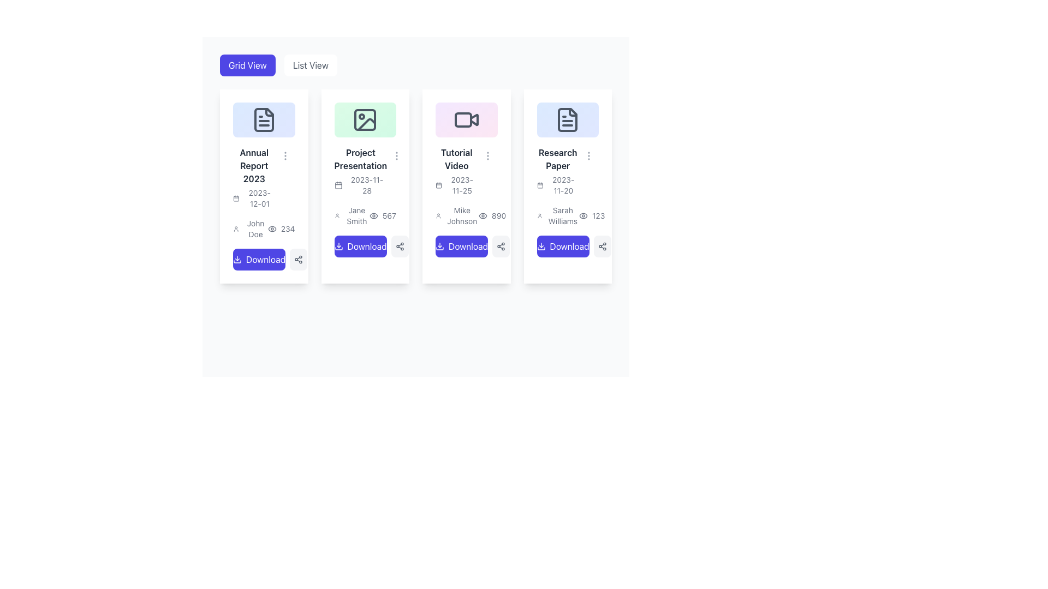  What do you see at coordinates (598, 215) in the screenshot?
I see `displayed metric value from the text label located to the right of the eye-shaped icon at the bottom of the last card in a row of four cards` at bounding box center [598, 215].